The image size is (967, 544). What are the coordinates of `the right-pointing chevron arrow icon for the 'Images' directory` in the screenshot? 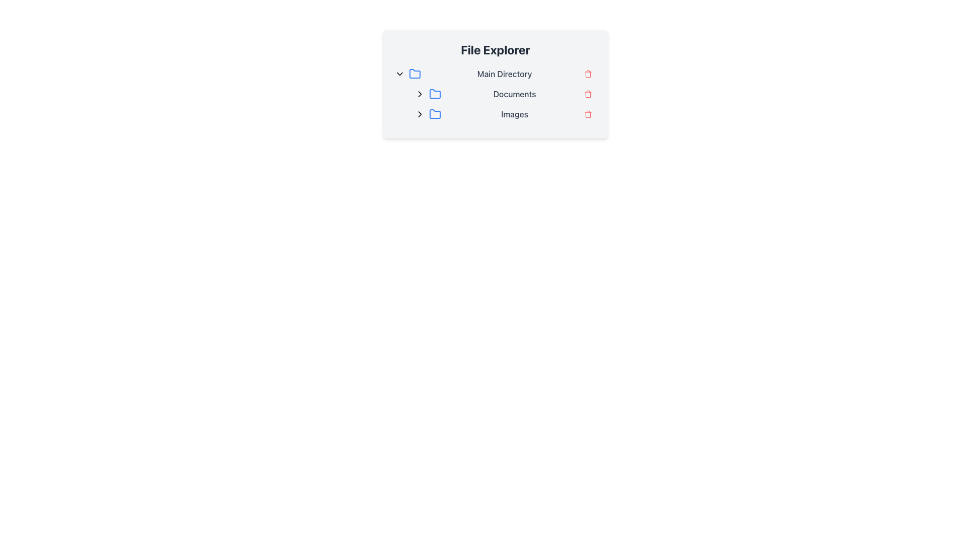 It's located at (420, 114).